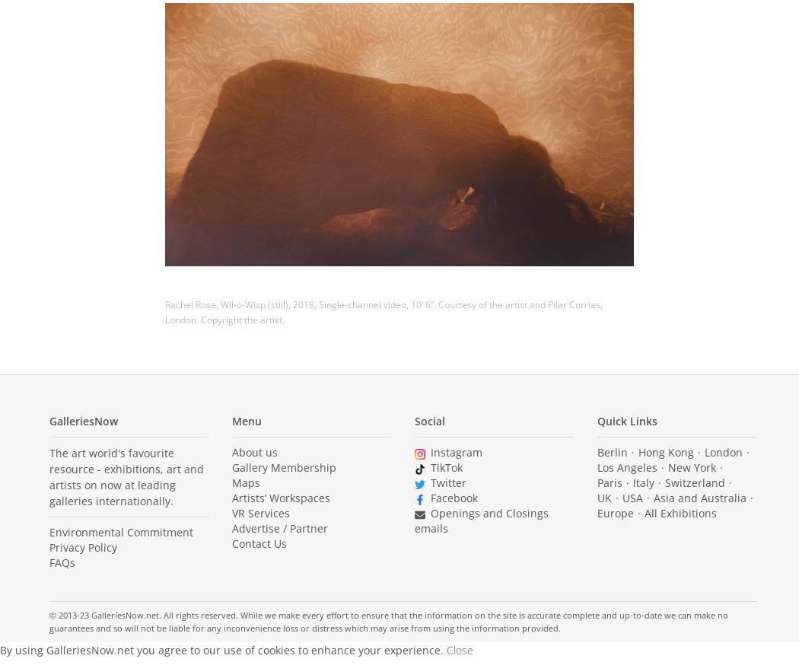 The height and width of the screenshot is (665, 799). What do you see at coordinates (259, 543) in the screenshot?
I see `'Contact Us'` at bounding box center [259, 543].